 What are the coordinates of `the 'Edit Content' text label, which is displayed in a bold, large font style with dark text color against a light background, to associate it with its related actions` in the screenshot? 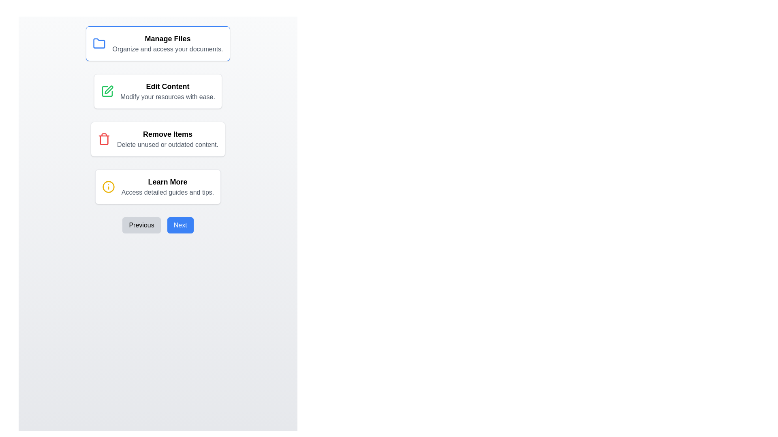 It's located at (167, 86).